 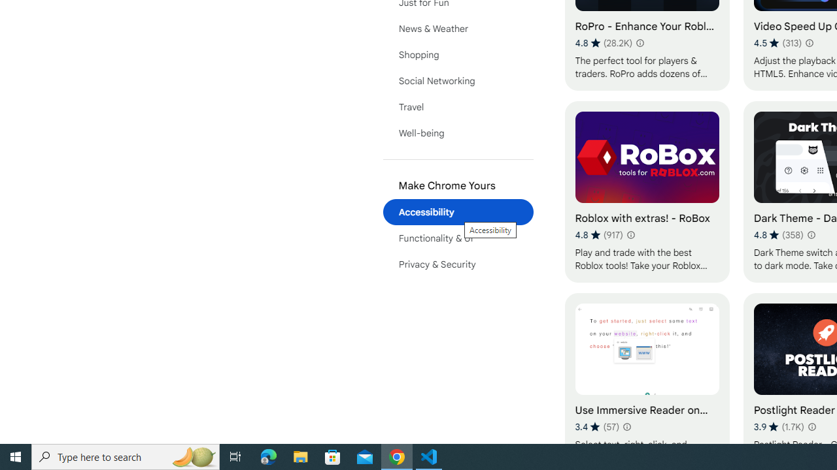 I want to click on 'News & Weather', so click(x=458, y=28).